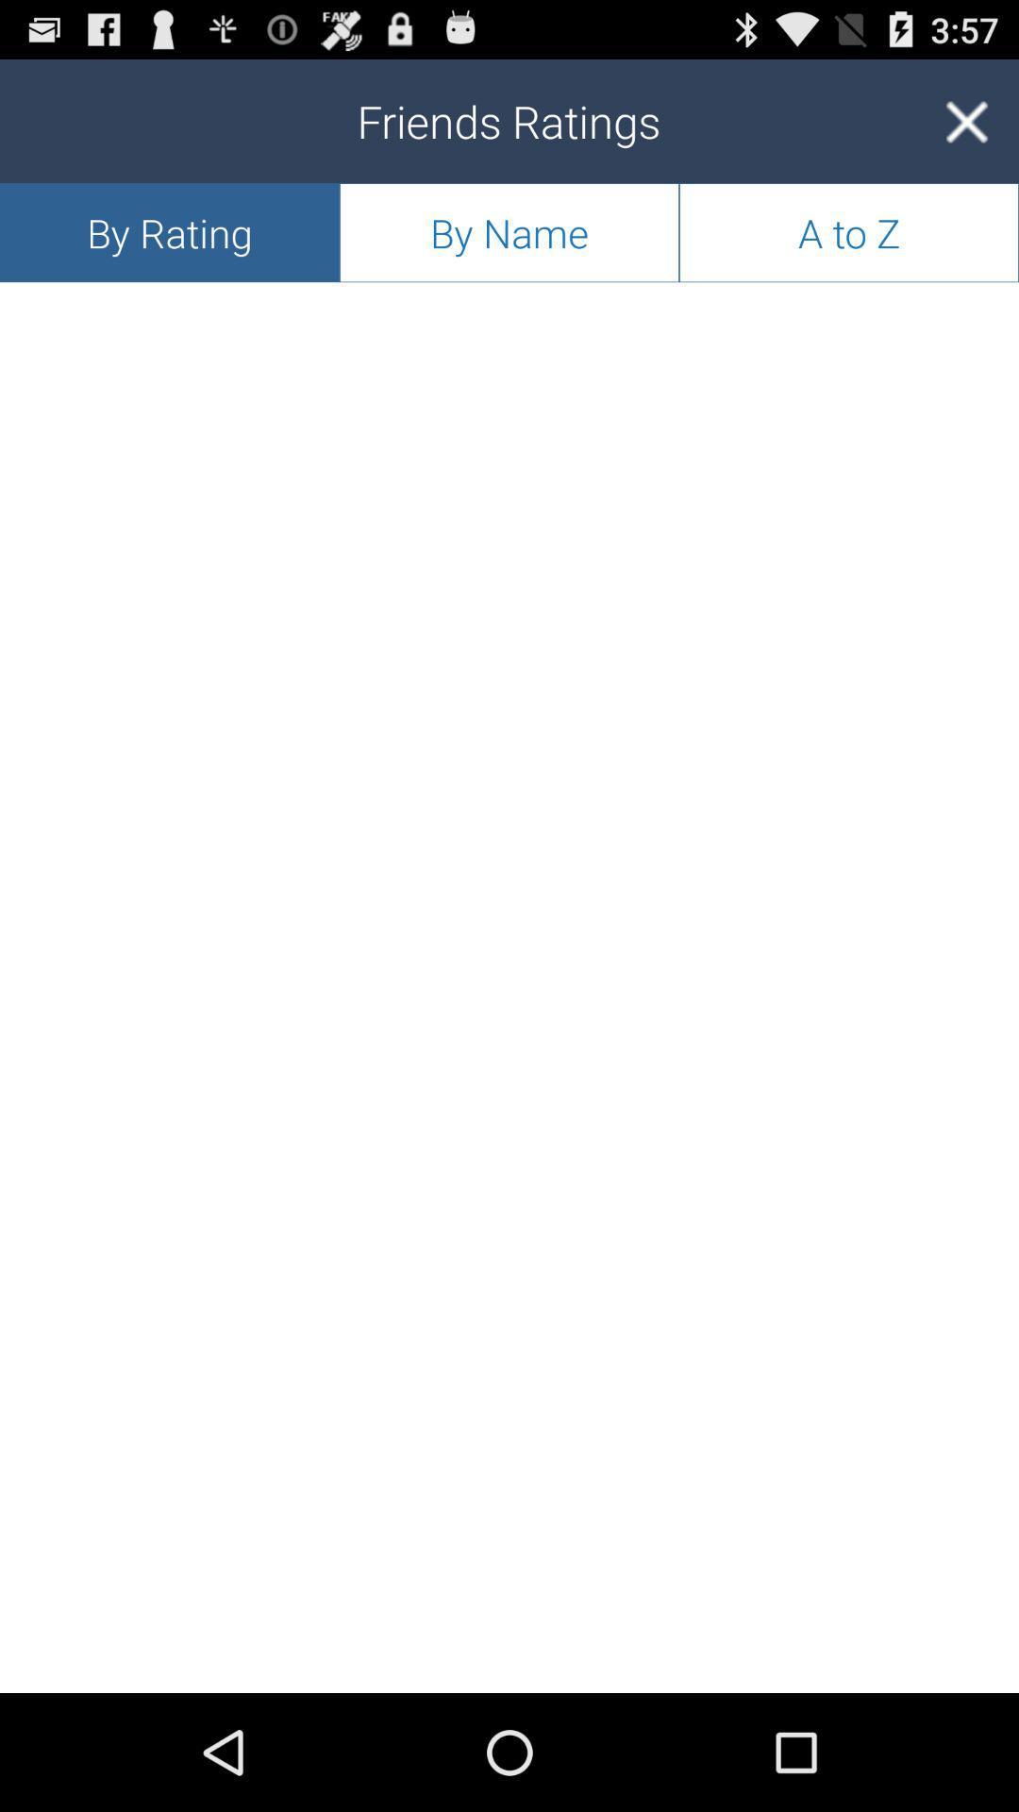 The image size is (1019, 1812). I want to click on item next to the a to z icon, so click(509, 231).